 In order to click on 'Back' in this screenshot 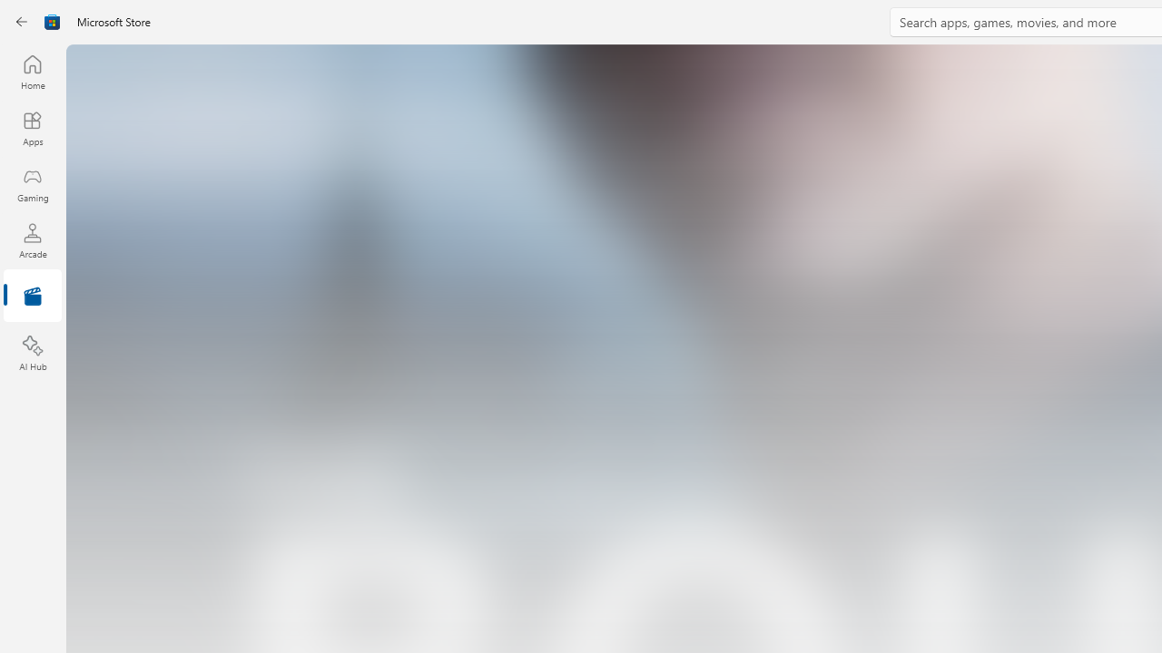, I will do `click(22, 22)`.